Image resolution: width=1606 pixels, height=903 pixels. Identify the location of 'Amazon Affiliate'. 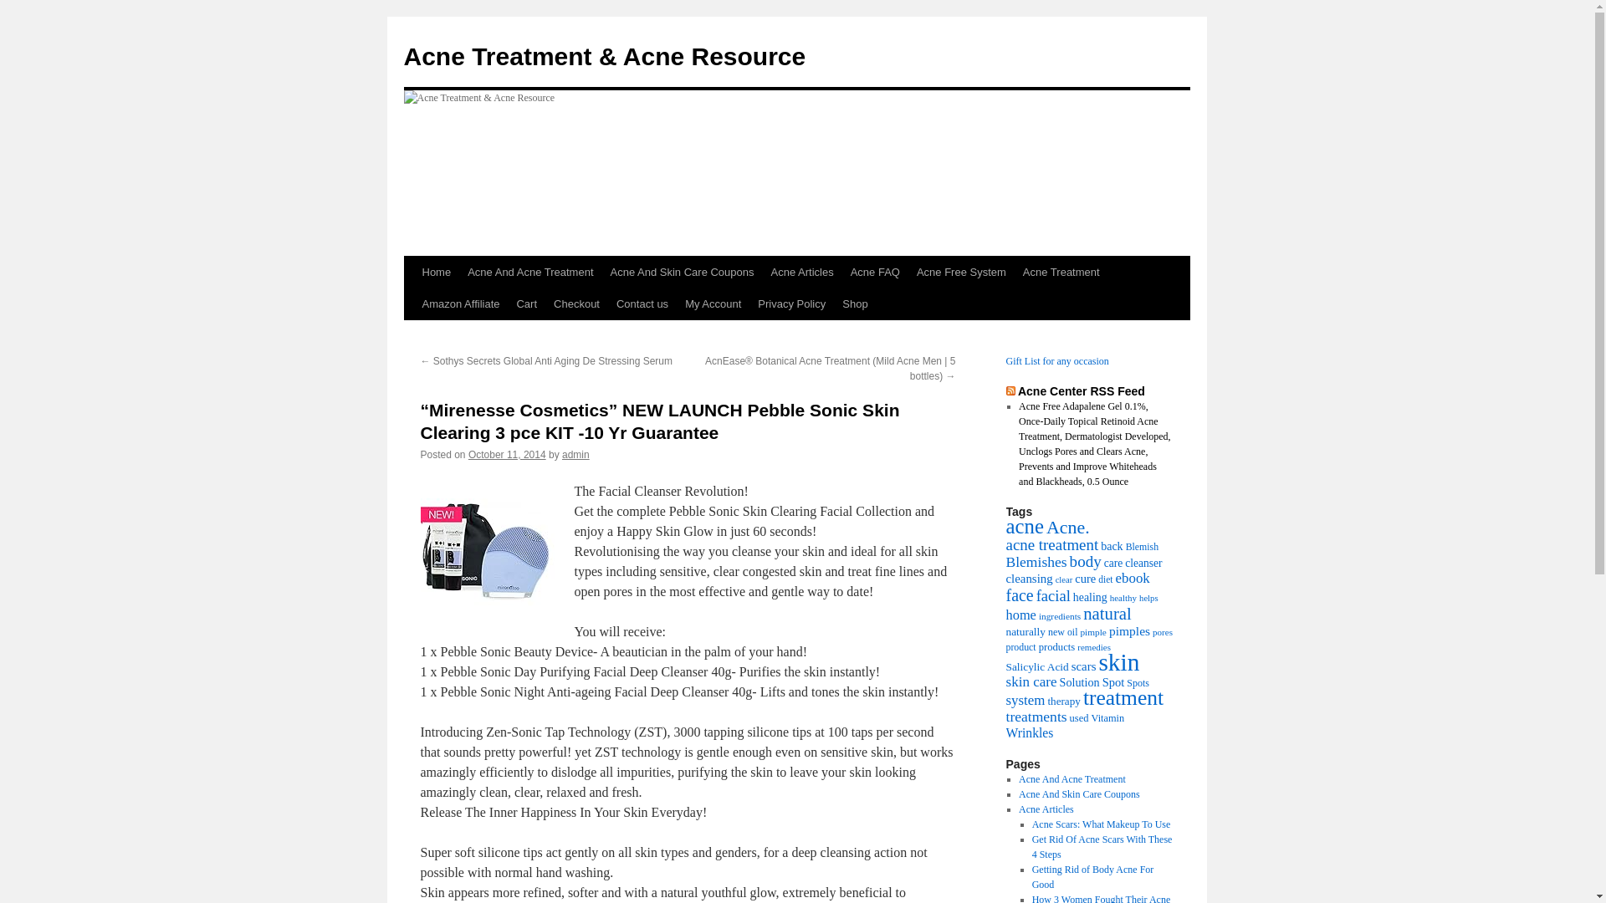
(460, 304).